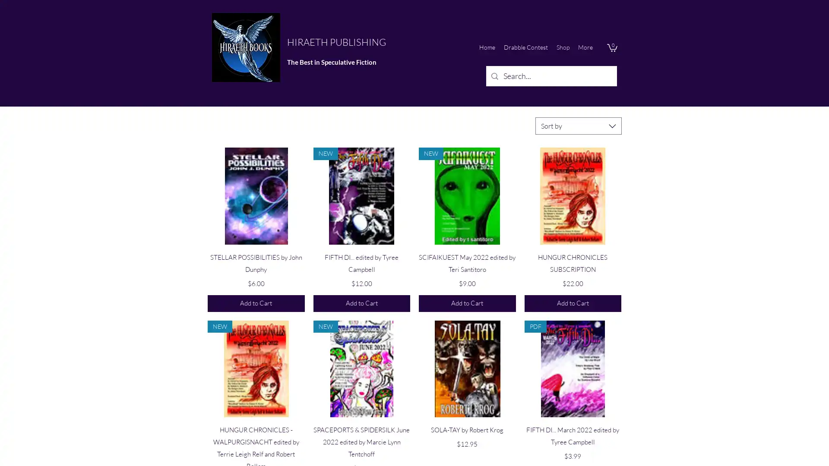  Describe the element at coordinates (361, 302) in the screenshot. I see `Add to Cart` at that location.